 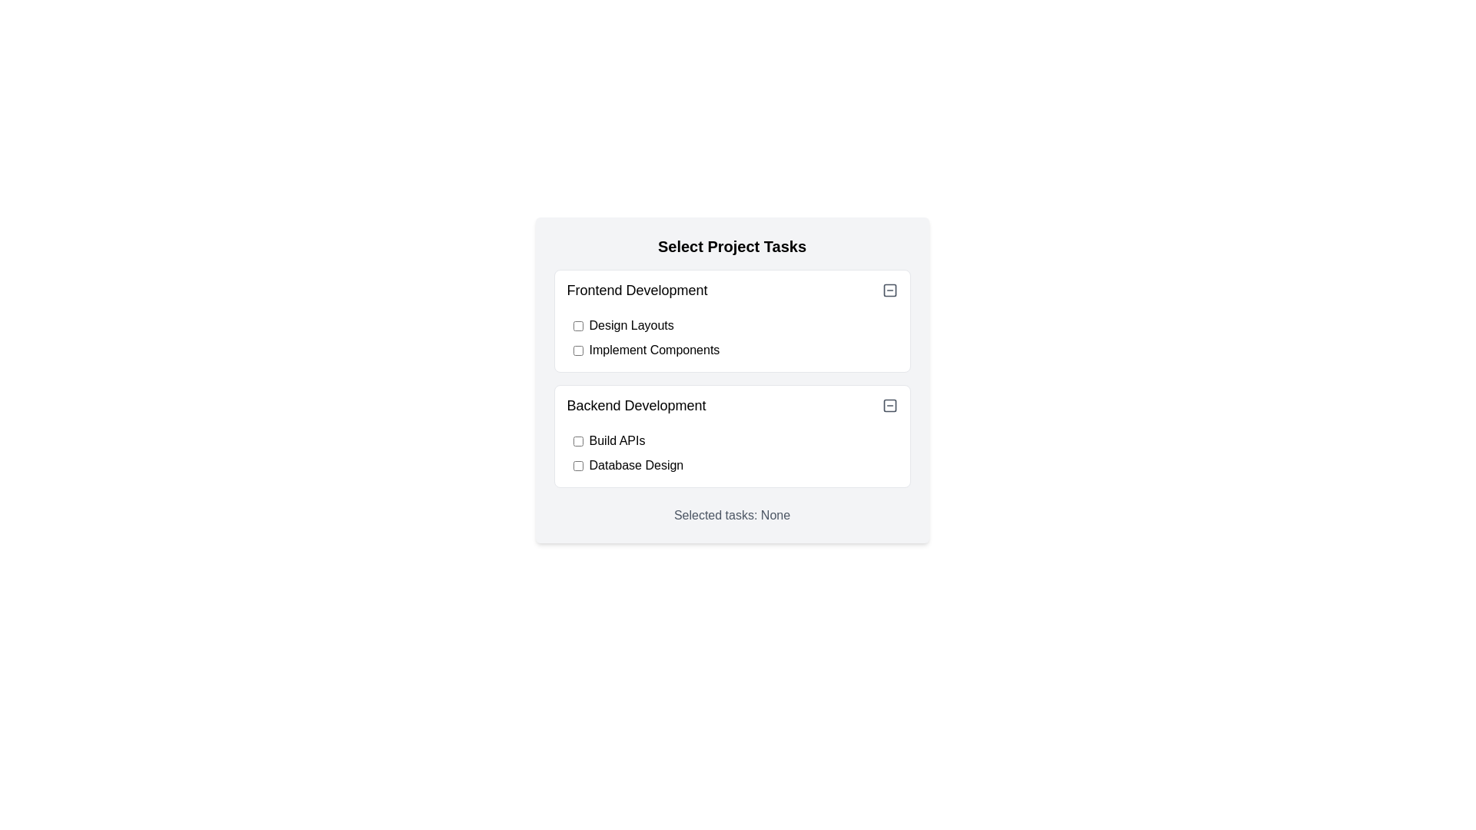 What do you see at coordinates (577, 325) in the screenshot?
I see `the checkbox preceding the 'Design Layouts' text in the 'Frontend Development' section` at bounding box center [577, 325].